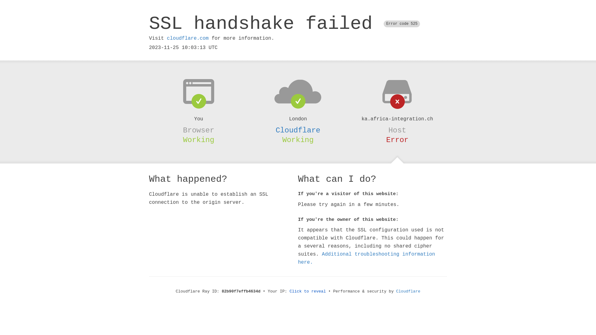 The width and height of the screenshot is (596, 335). Describe the element at coordinates (289, 291) in the screenshot. I see `'Click to reveal'` at that location.